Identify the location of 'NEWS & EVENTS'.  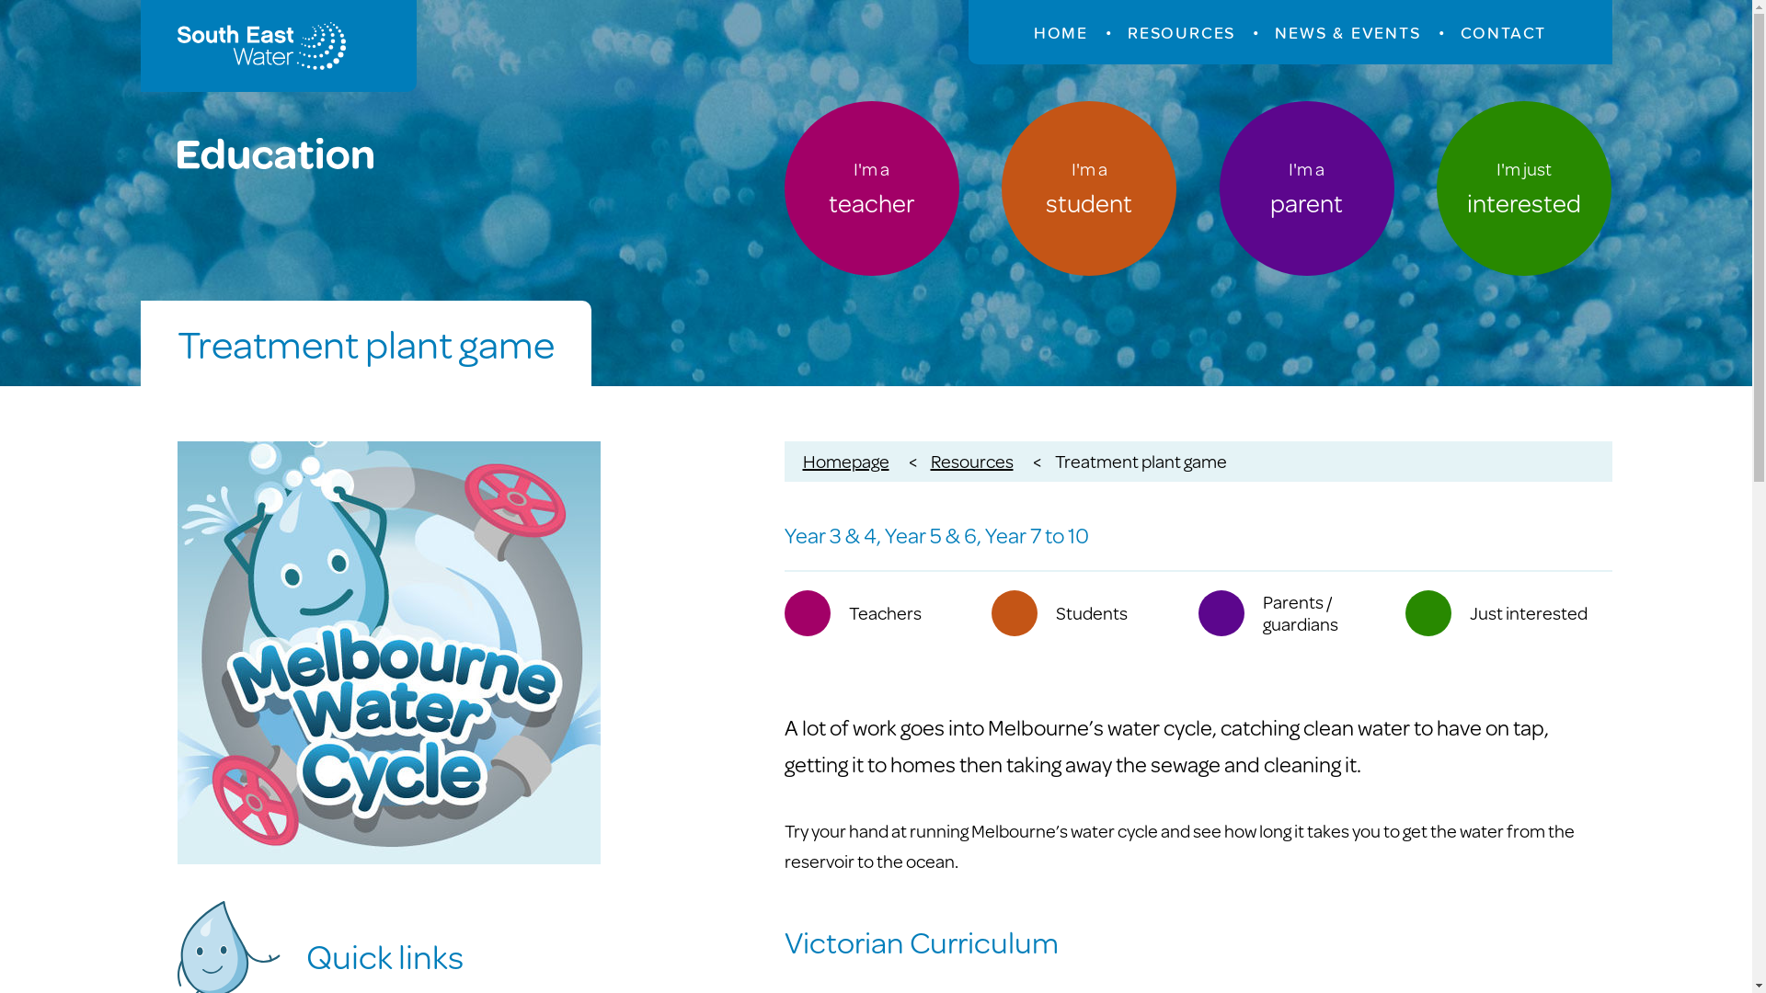
(1347, 33).